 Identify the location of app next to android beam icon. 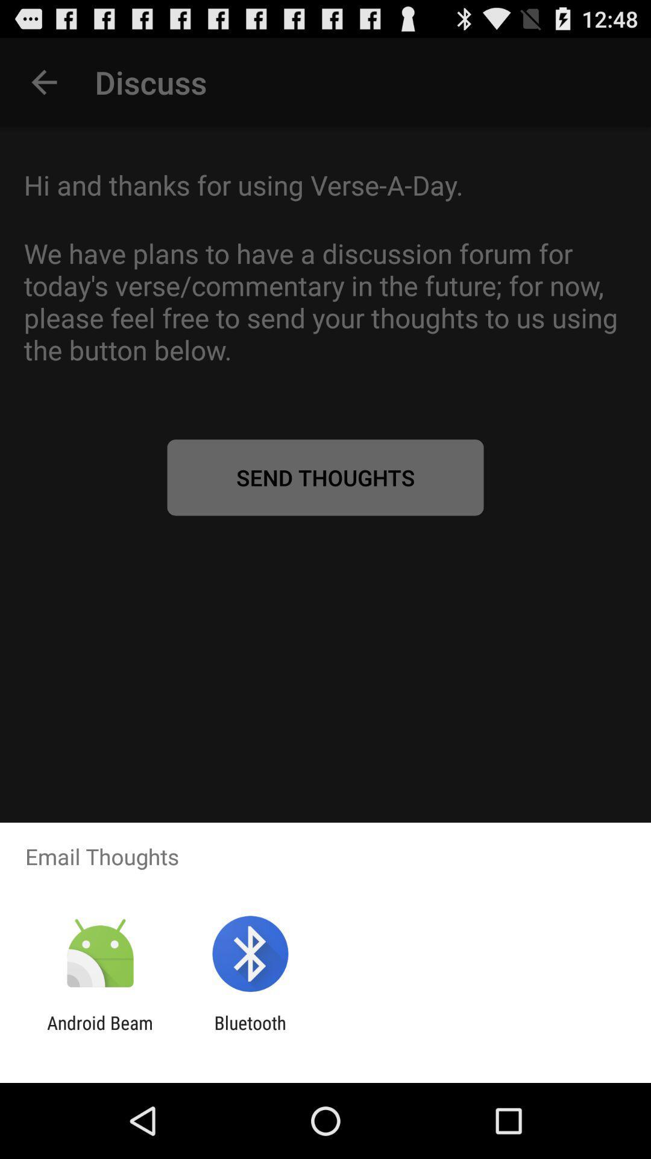
(250, 1033).